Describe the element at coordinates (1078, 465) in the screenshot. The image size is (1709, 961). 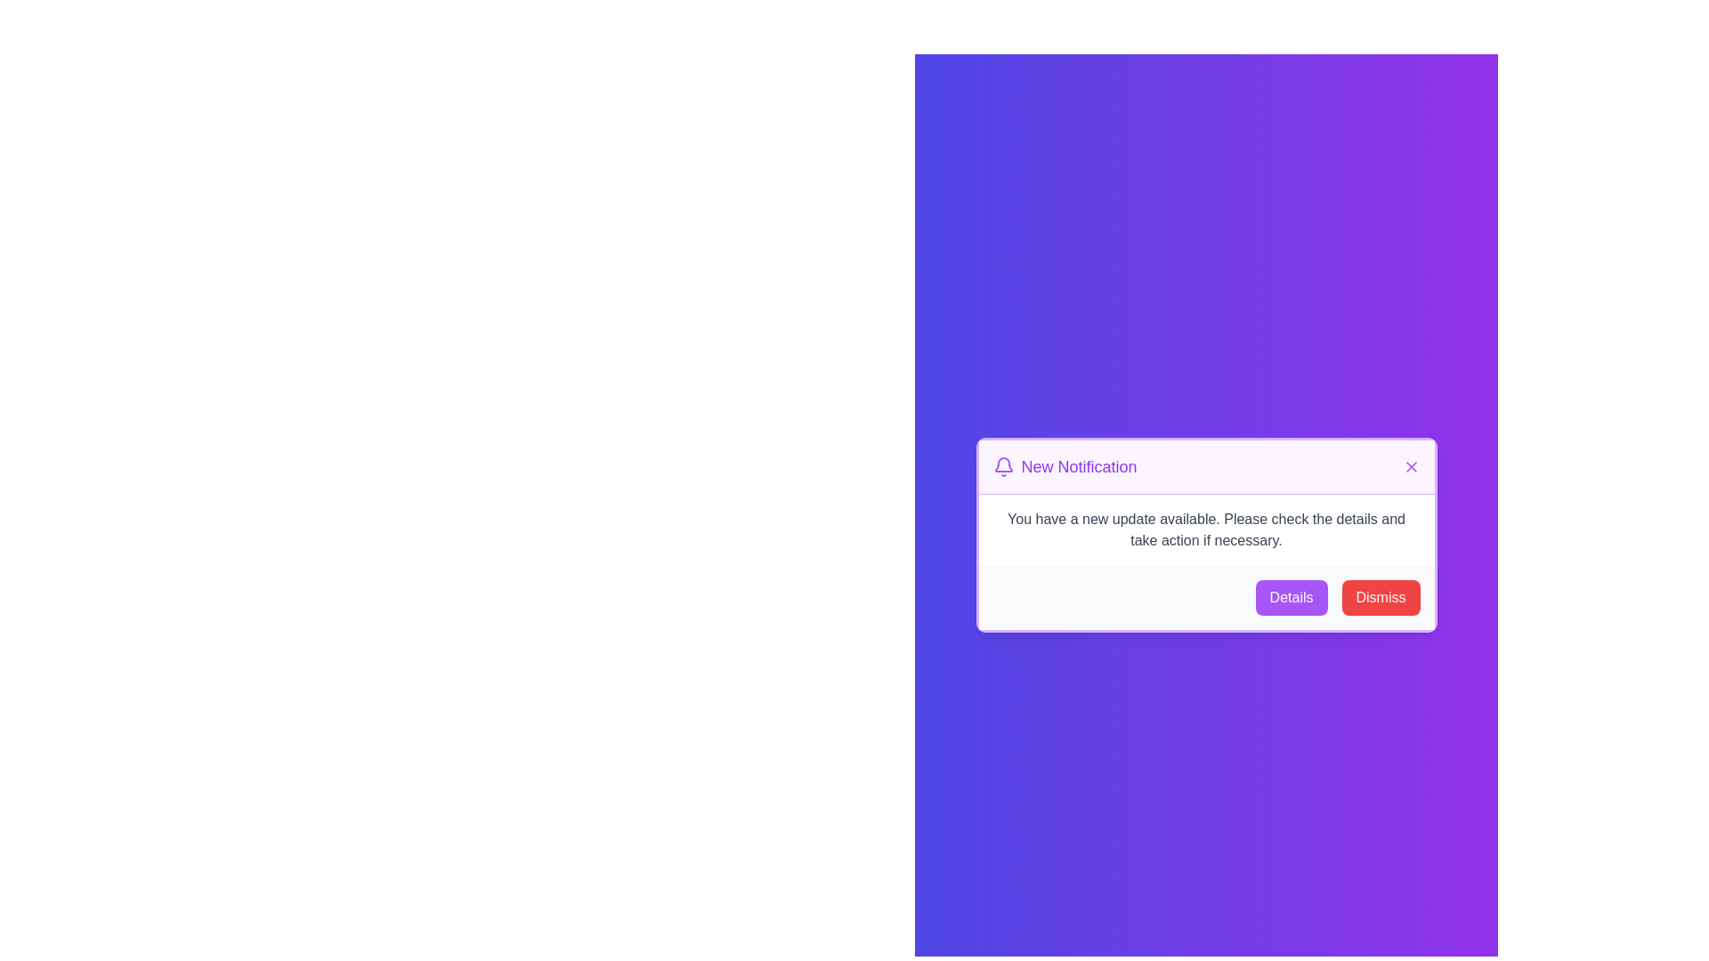
I see `the text label displaying 'New Notification', which is styled in large bold purple font and located next to a bell icon at the top center of the notification card` at that location.